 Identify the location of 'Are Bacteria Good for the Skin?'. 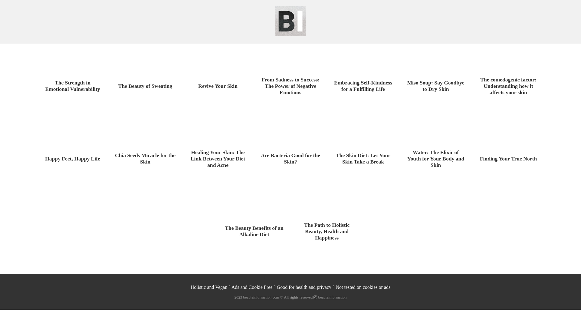
(290, 158).